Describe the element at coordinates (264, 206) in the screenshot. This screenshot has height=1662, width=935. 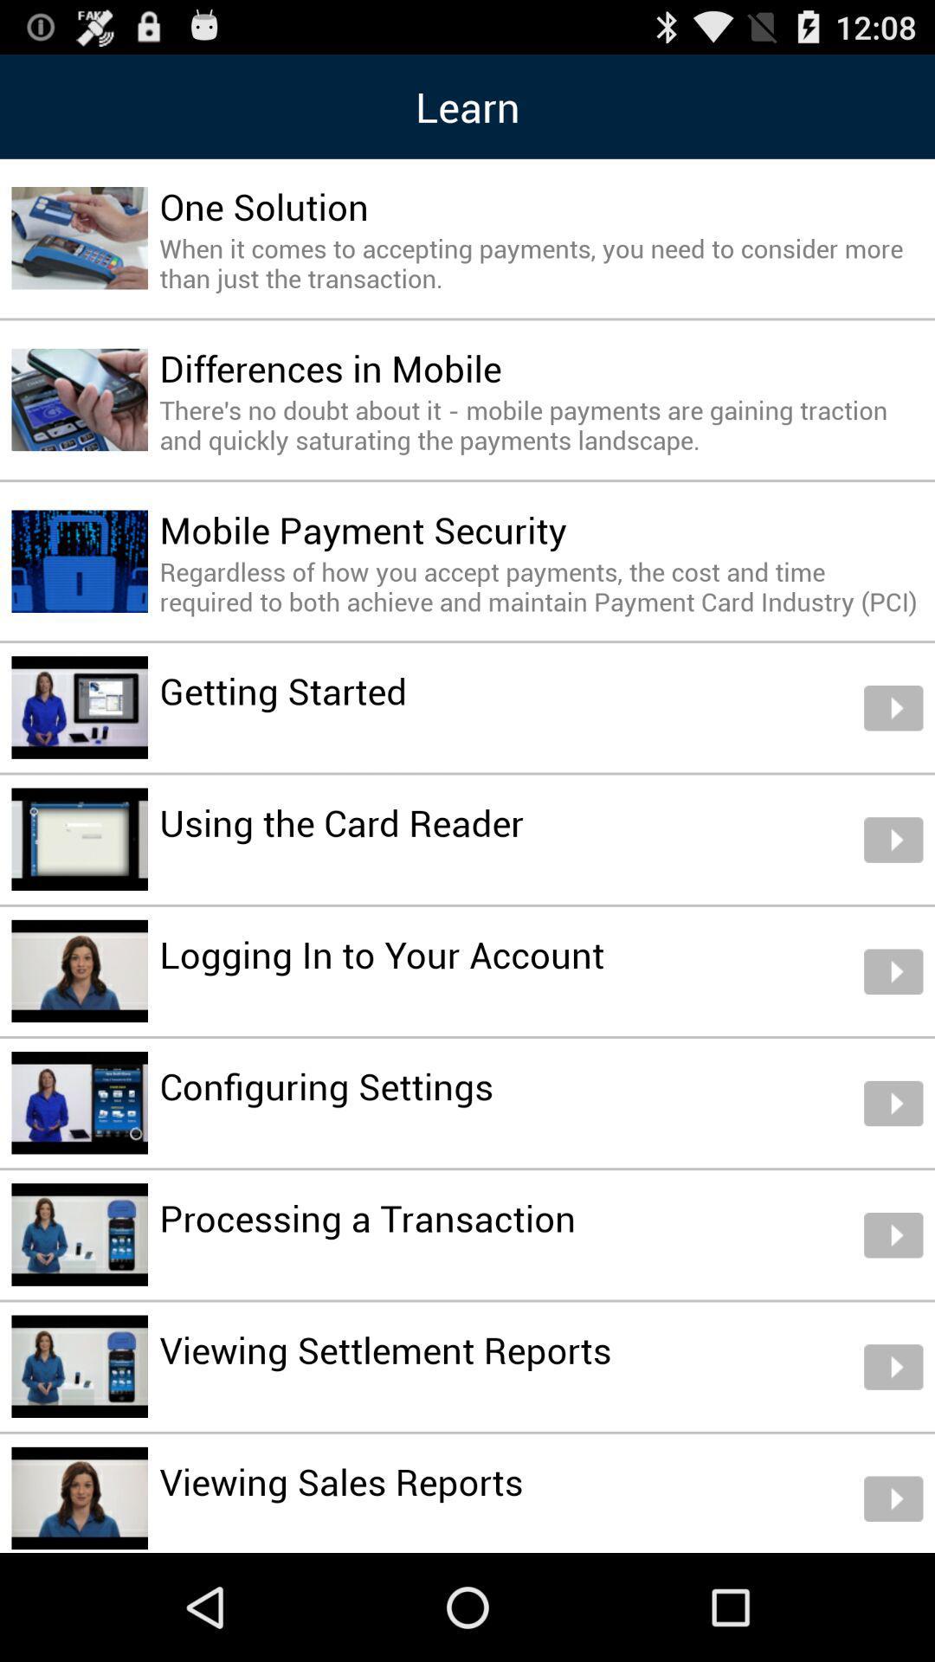
I see `the icon below learn icon` at that location.